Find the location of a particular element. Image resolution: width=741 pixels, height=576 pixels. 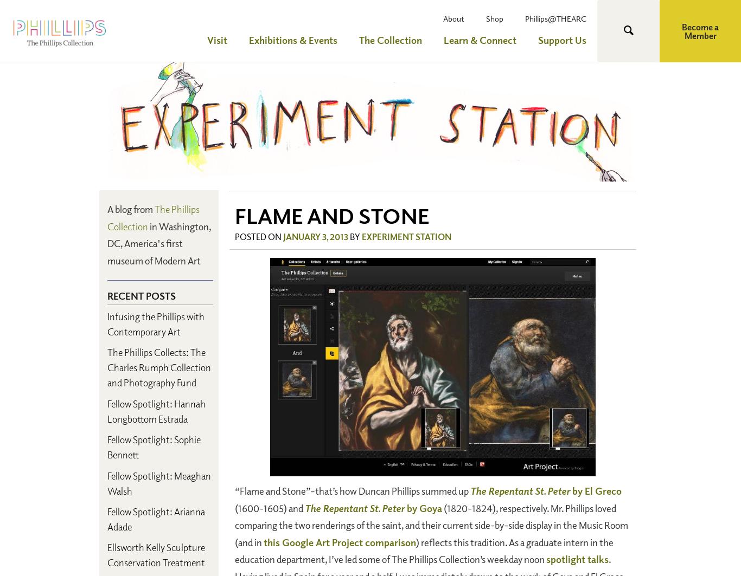

'About' is located at coordinates (443, 18).